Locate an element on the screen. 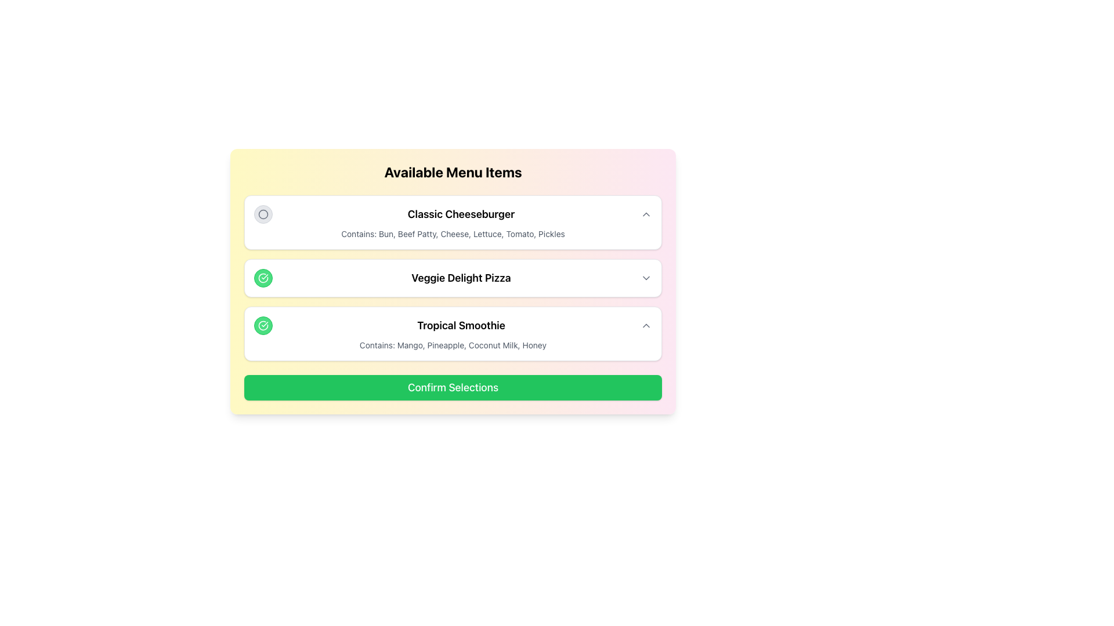  text displayed in the 'Classic Cheeseburger' label, which is prominently featured in bold, large font within the first menu item of 'Available Menu Items' is located at coordinates (461, 214).